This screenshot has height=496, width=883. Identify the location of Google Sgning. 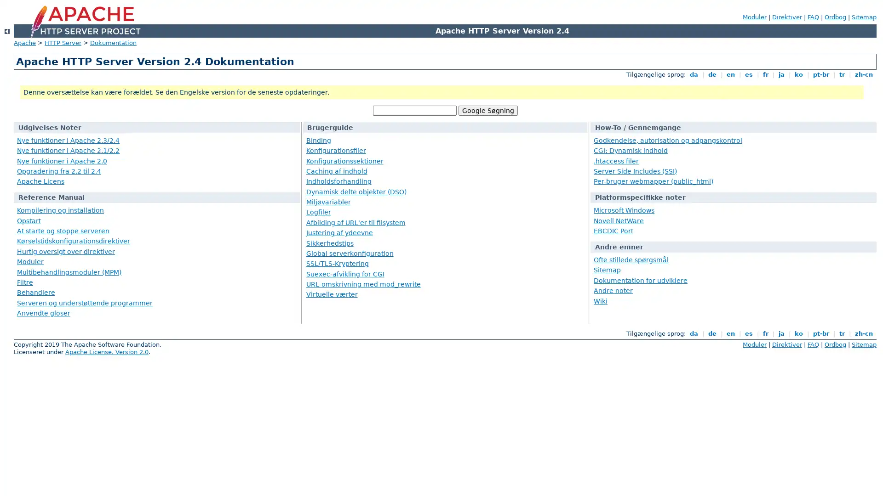
(487, 110).